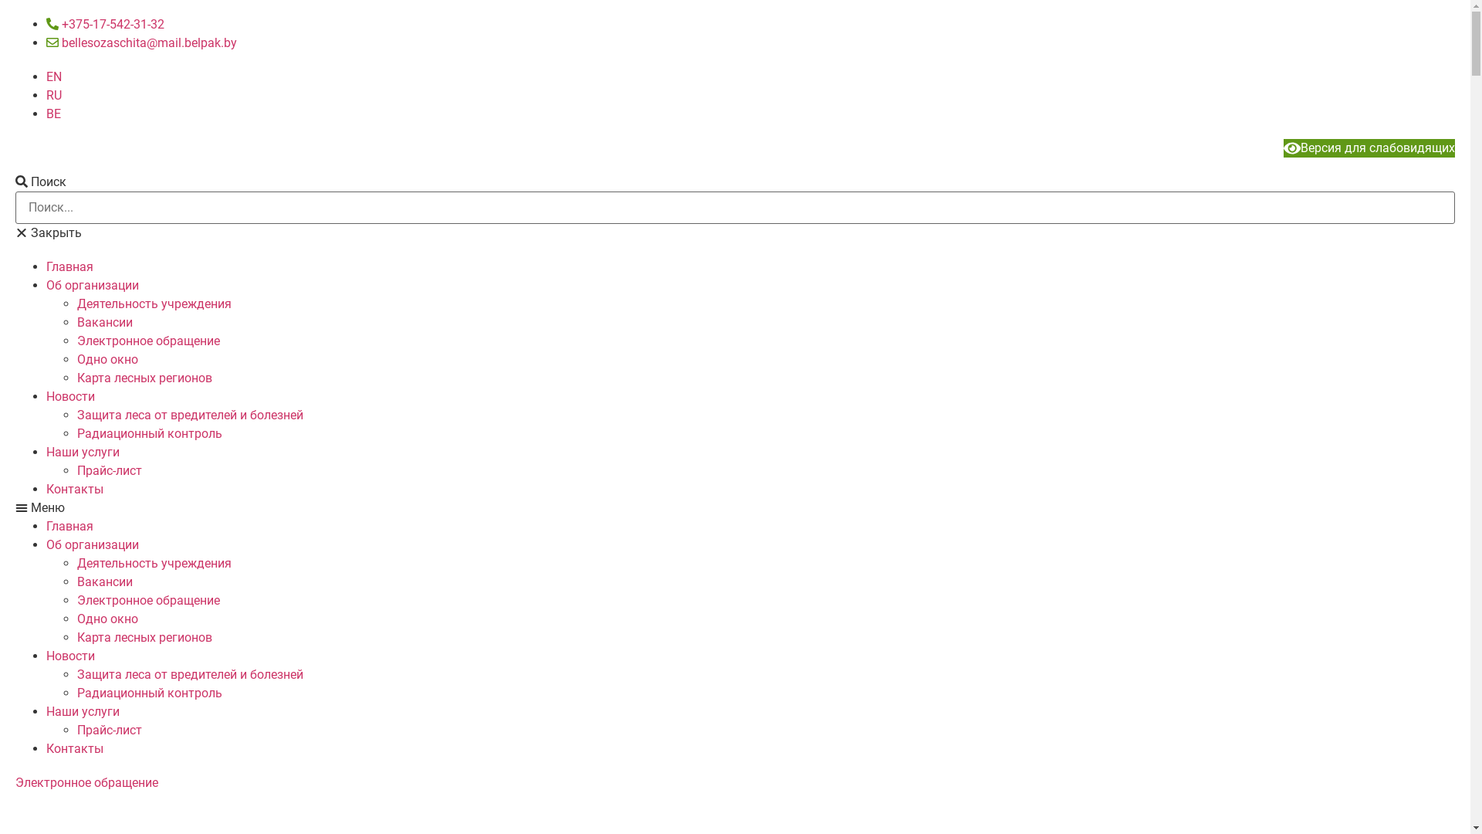  I want to click on 'bellesozaschita@mail.belpak.by', so click(141, 42).